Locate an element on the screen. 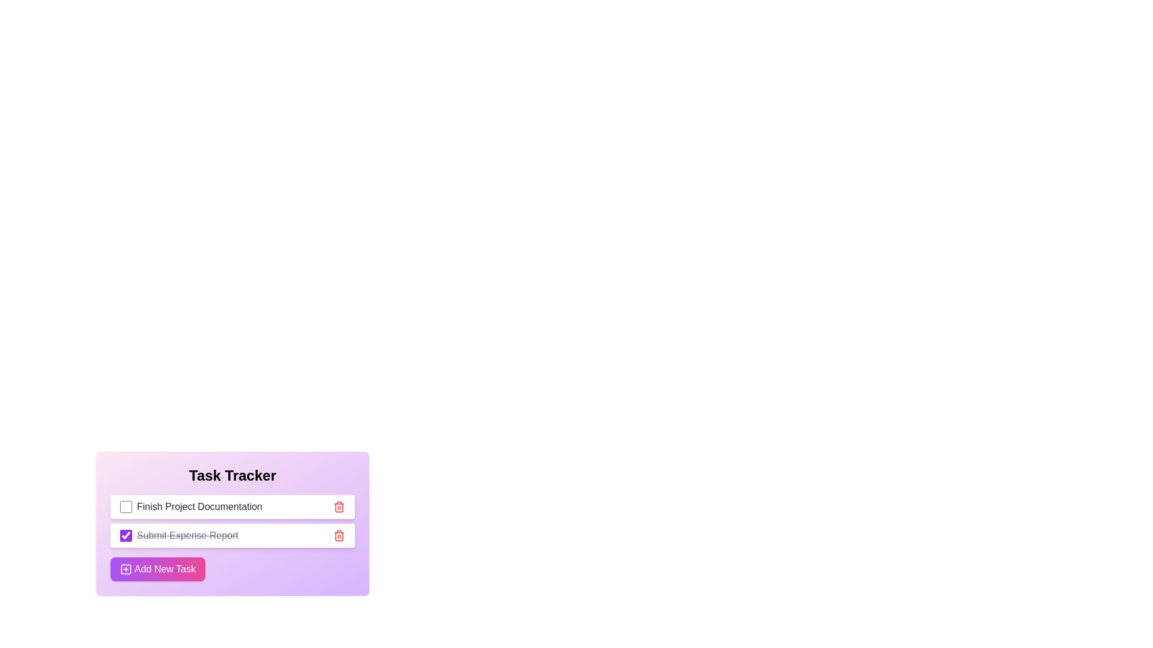 The image size is (1153, 648). the red trash icon on the right side of the task list entry labeled 'Finish Project Documentation' is located at coordinates (339, 506).